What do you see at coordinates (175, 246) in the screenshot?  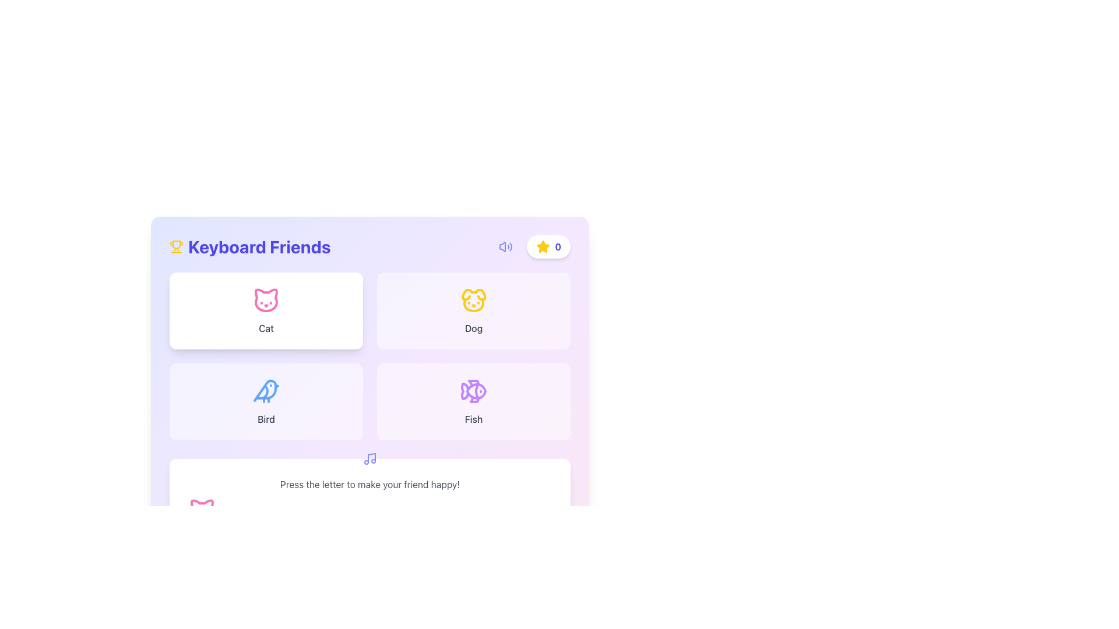 I see `the yellow trophy icon located to the left of the 'Keyboard Friends' title in the header section` at bounding box center [175, 246].